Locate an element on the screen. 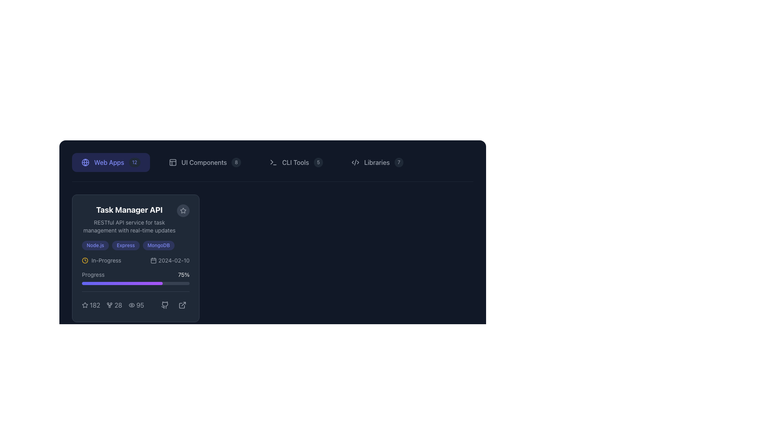 The width and height of the screenshot is (760, 427). the 'CLI Tools' menu item in the horizontal navigation bar is located at coordinates (273, 167).